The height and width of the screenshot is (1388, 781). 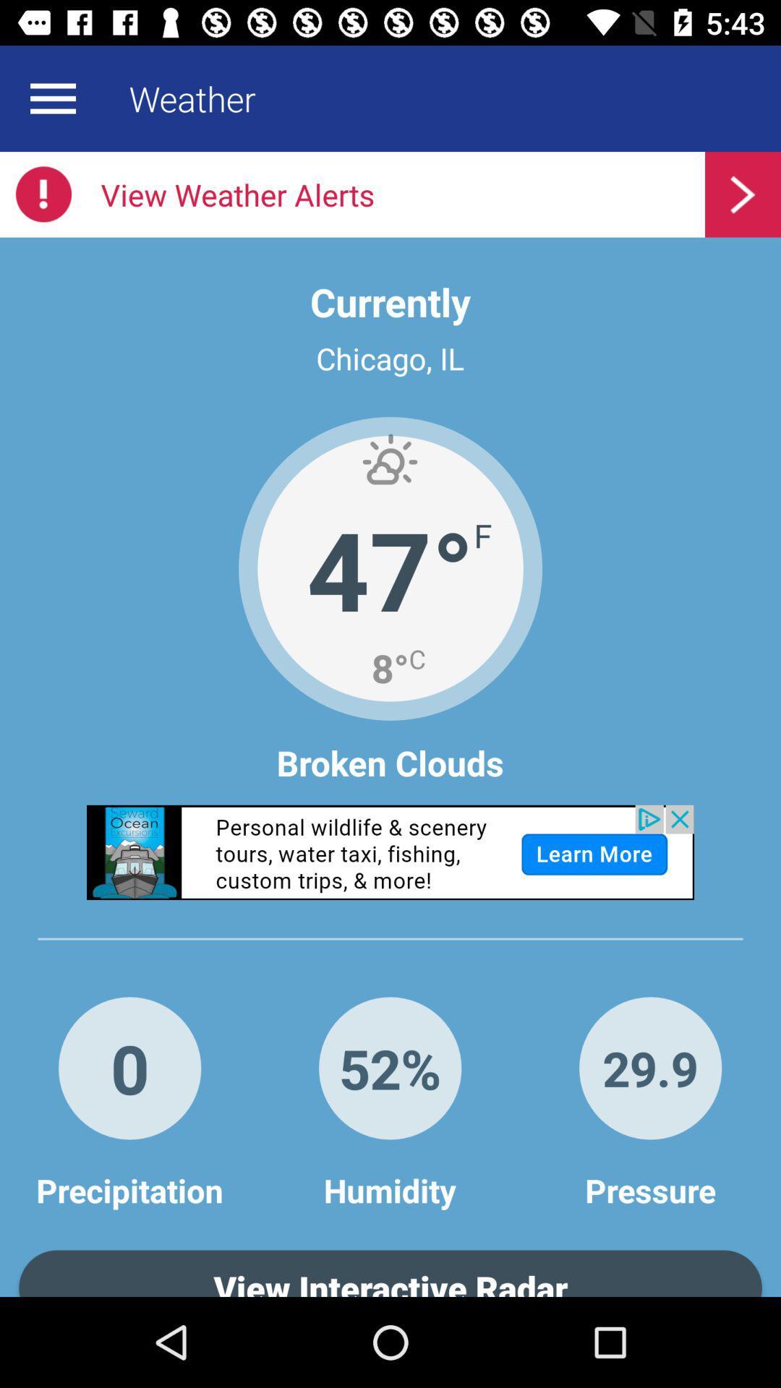 I want to click on advertisement, so click(x=390, y=852).